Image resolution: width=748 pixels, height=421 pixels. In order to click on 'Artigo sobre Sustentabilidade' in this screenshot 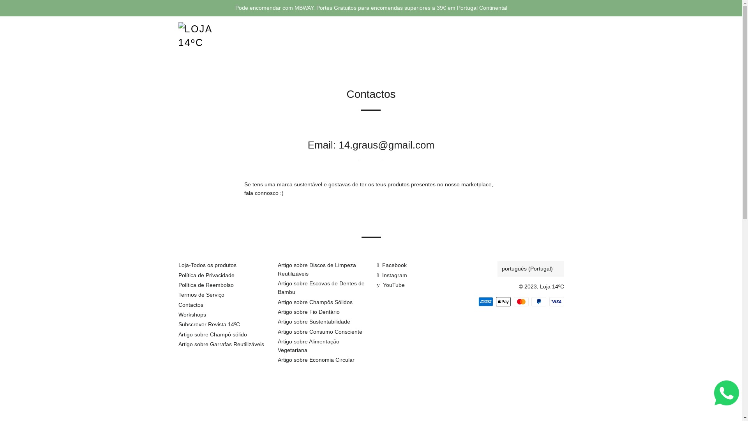, I will do `click(314, 322)`.